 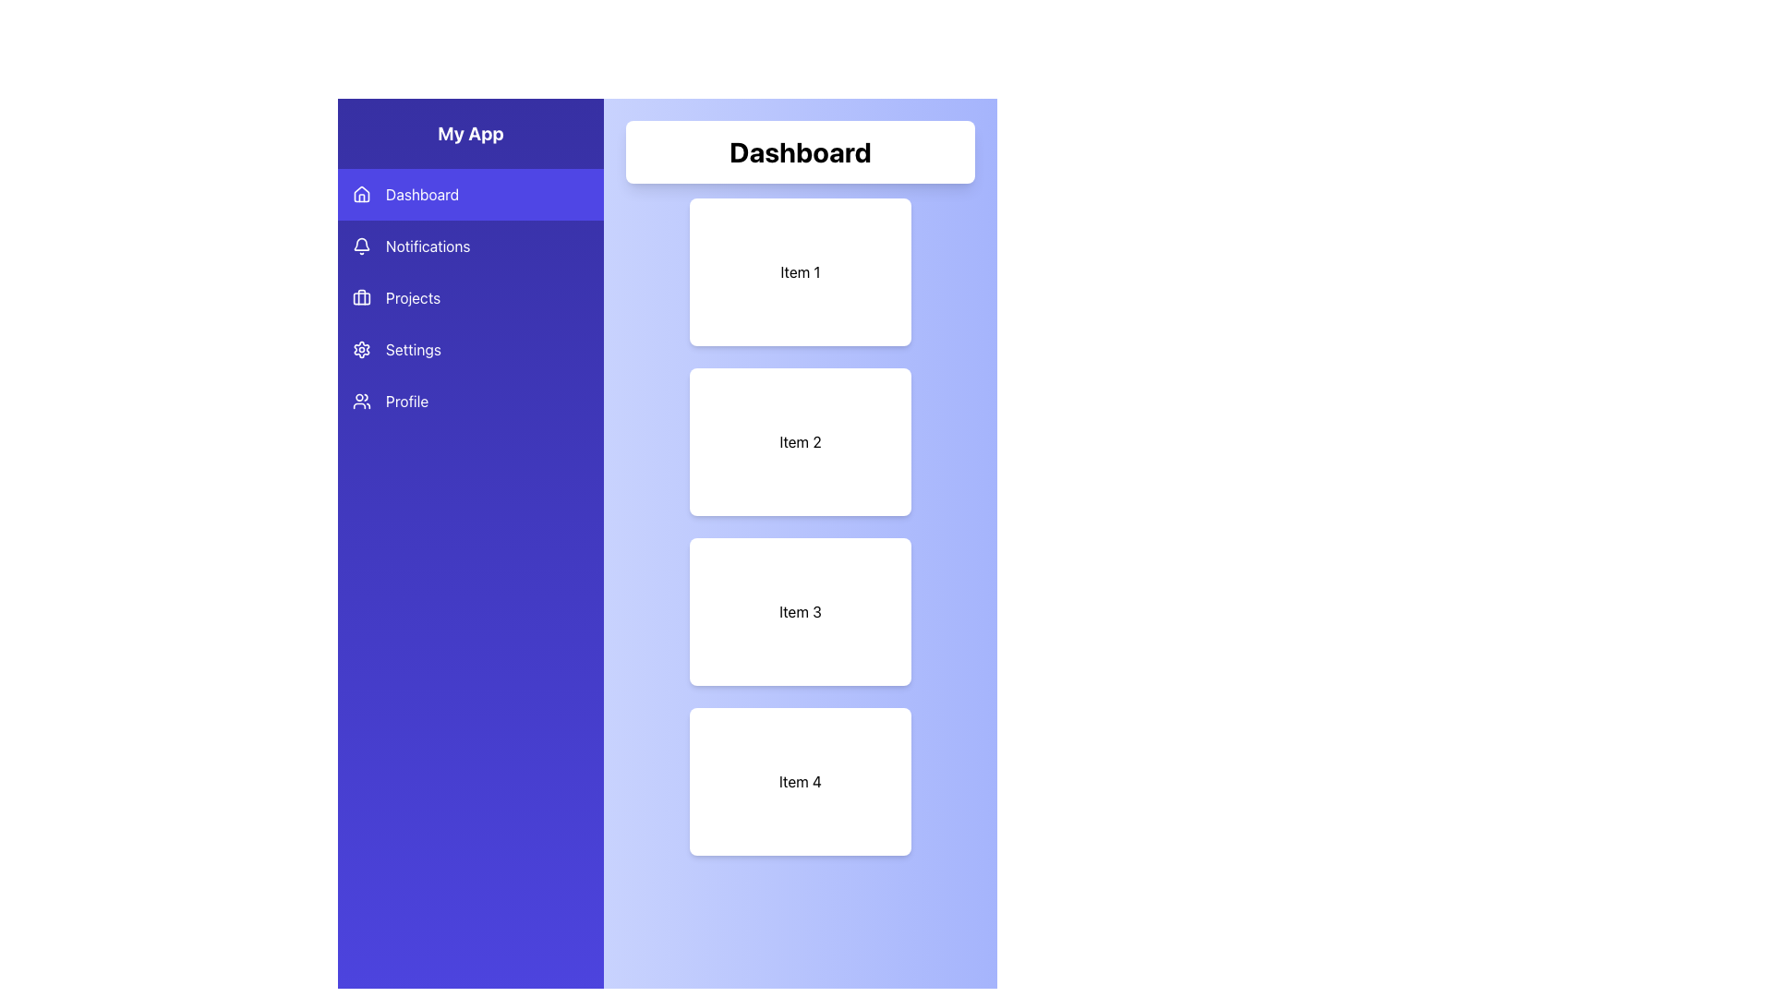 What do you see at coordinates (362, 349) in the screenshot?
I see `the gear-shaped icon in the vertical navigation bar` at bounding box center [362, 349].